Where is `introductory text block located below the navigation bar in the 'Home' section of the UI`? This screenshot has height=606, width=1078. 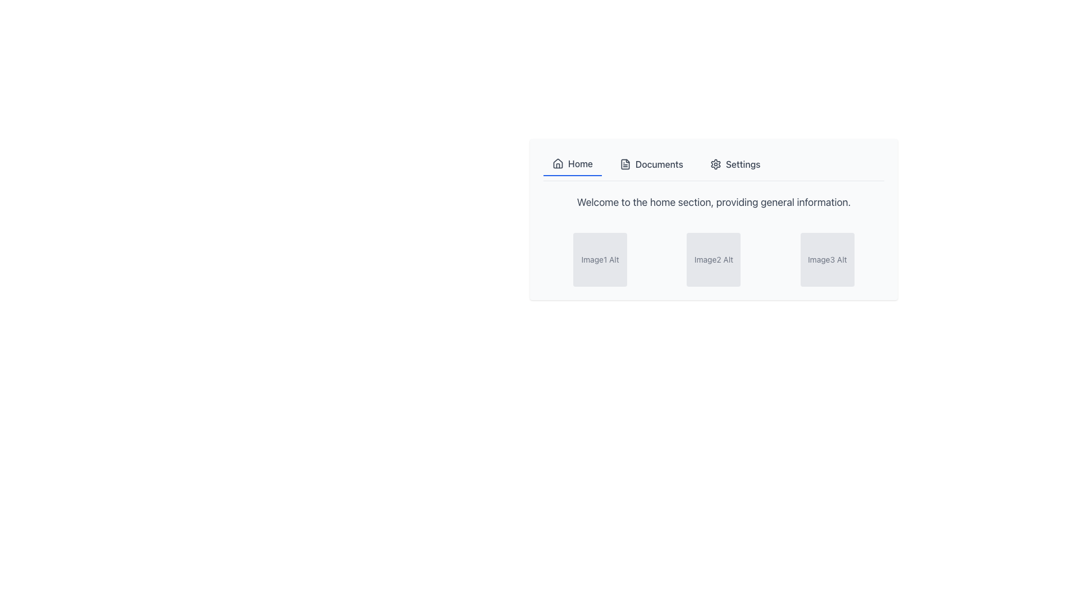 introductory text block located below the navigation bar in the 'Home' section of the UI is located at coordinates (713, 203).